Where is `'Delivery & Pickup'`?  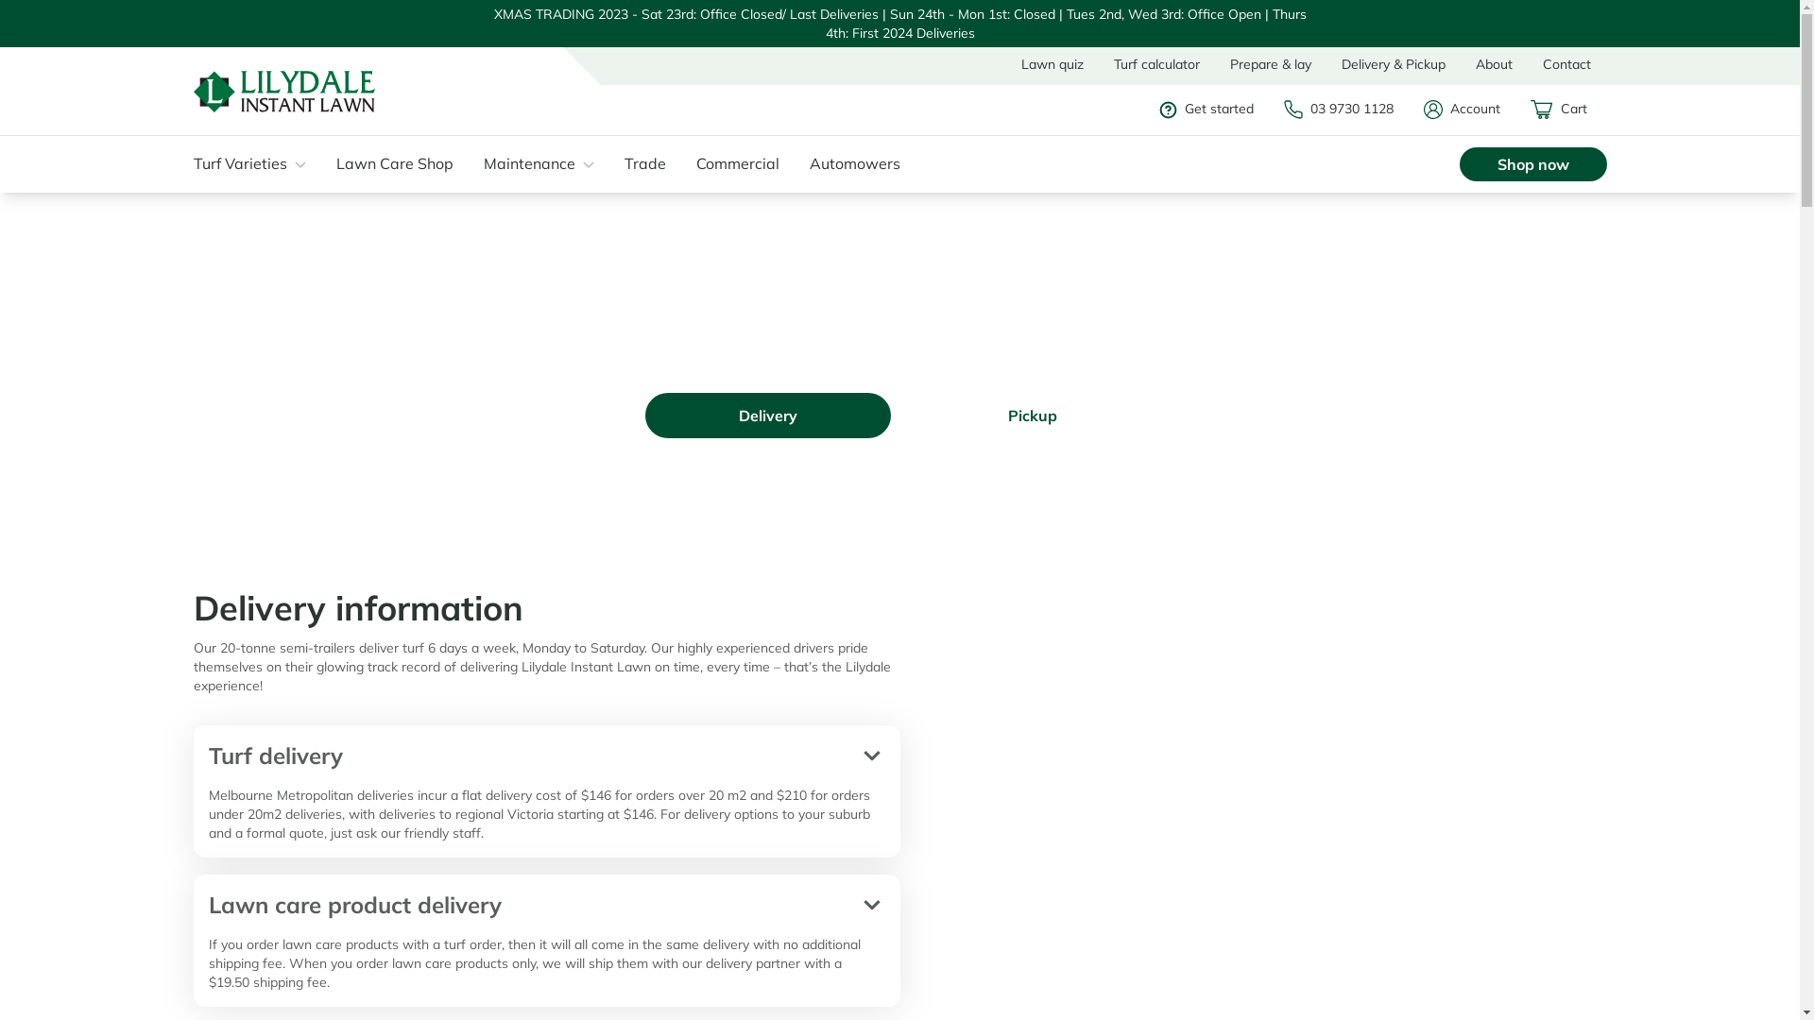
'Delivery & Pickup' is located at coordinates (1325, 63).